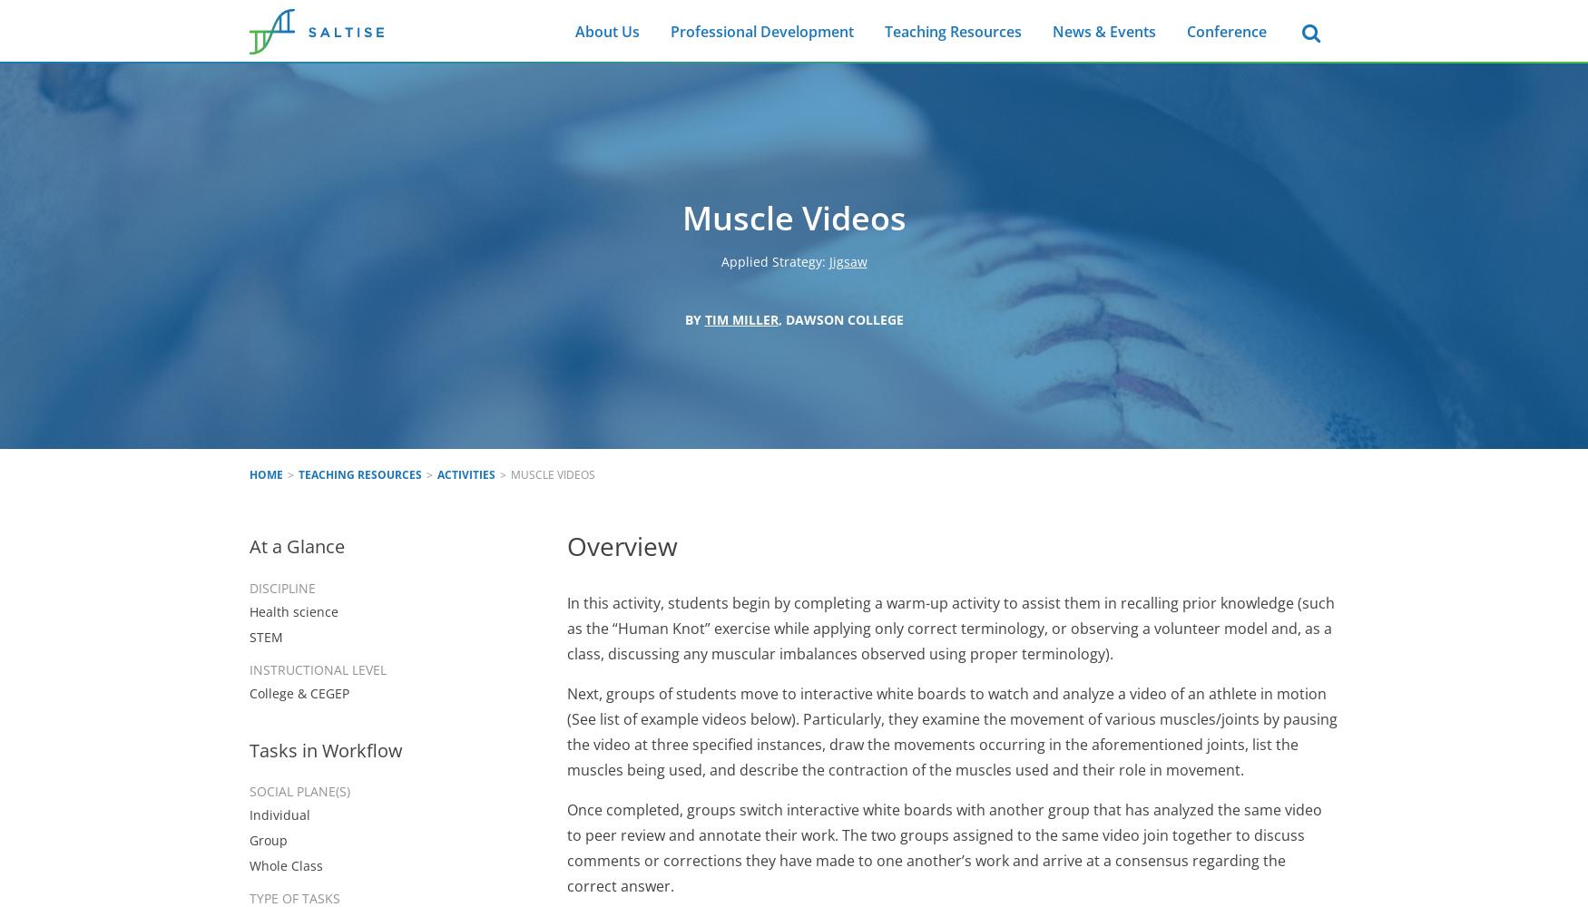  I want to click on 'Whole Class', so click(248, 863).